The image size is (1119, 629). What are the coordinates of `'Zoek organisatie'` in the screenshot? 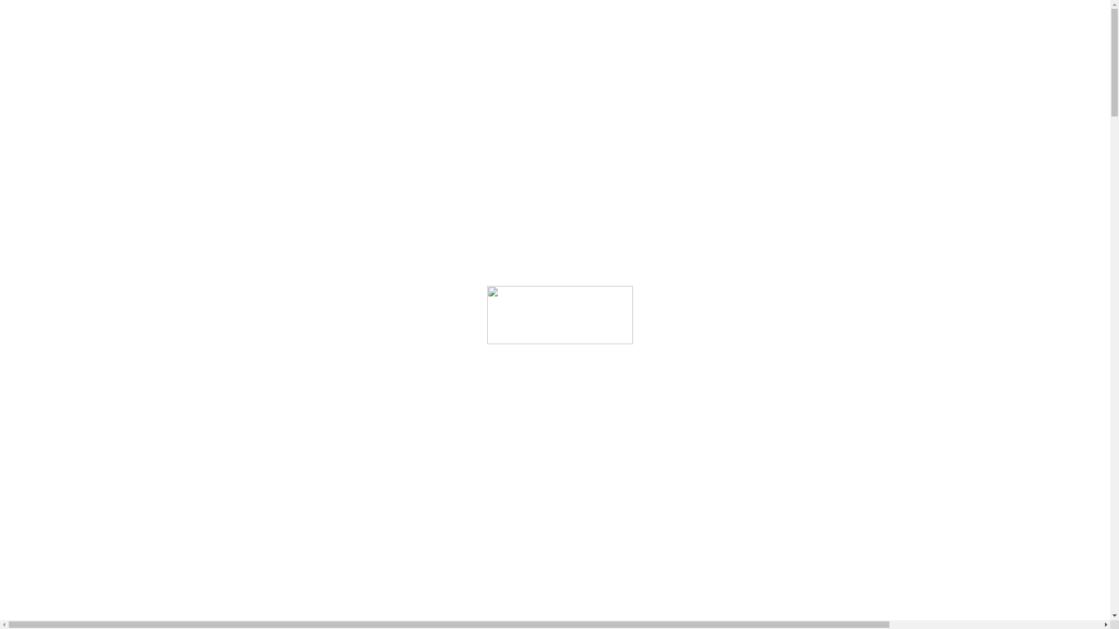 It's located at (37, 386).